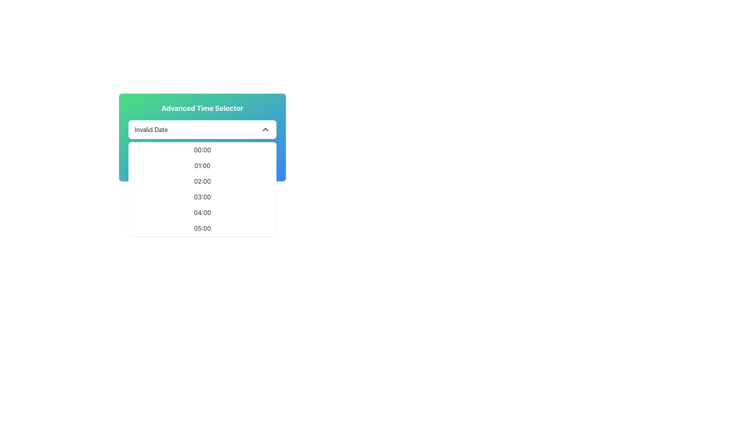 The image size is (752, 423). I want to click on the dropdown menu item displaying '00:00' located under the 'Invalid Date' input field, so click(202, 150).